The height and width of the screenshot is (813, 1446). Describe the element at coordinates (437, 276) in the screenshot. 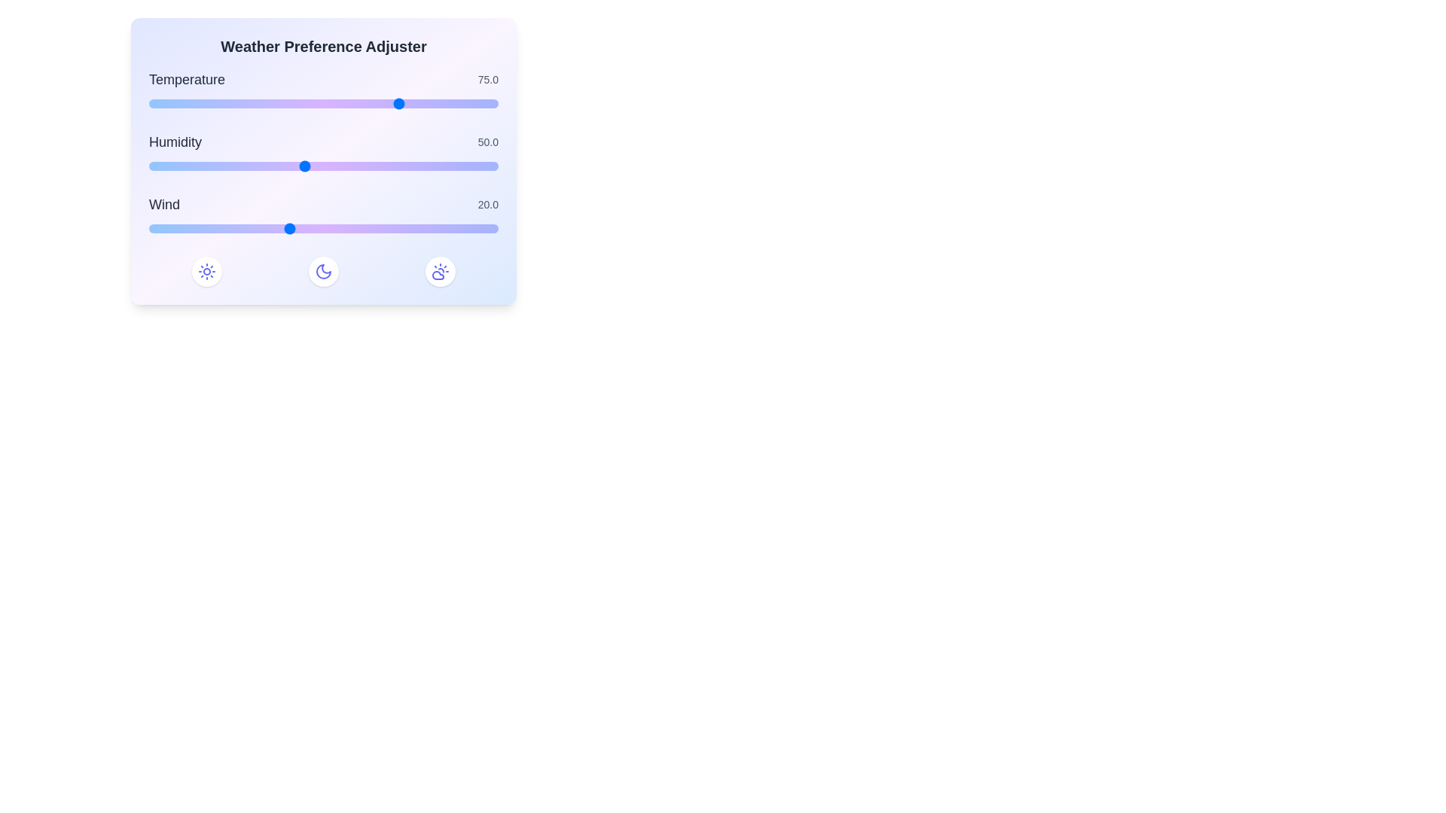

I see `the weather icon representing cloudy or sunrise conditions, which is the third icon from the left in the bottom row of icons below the adjustment sliders` at that location.